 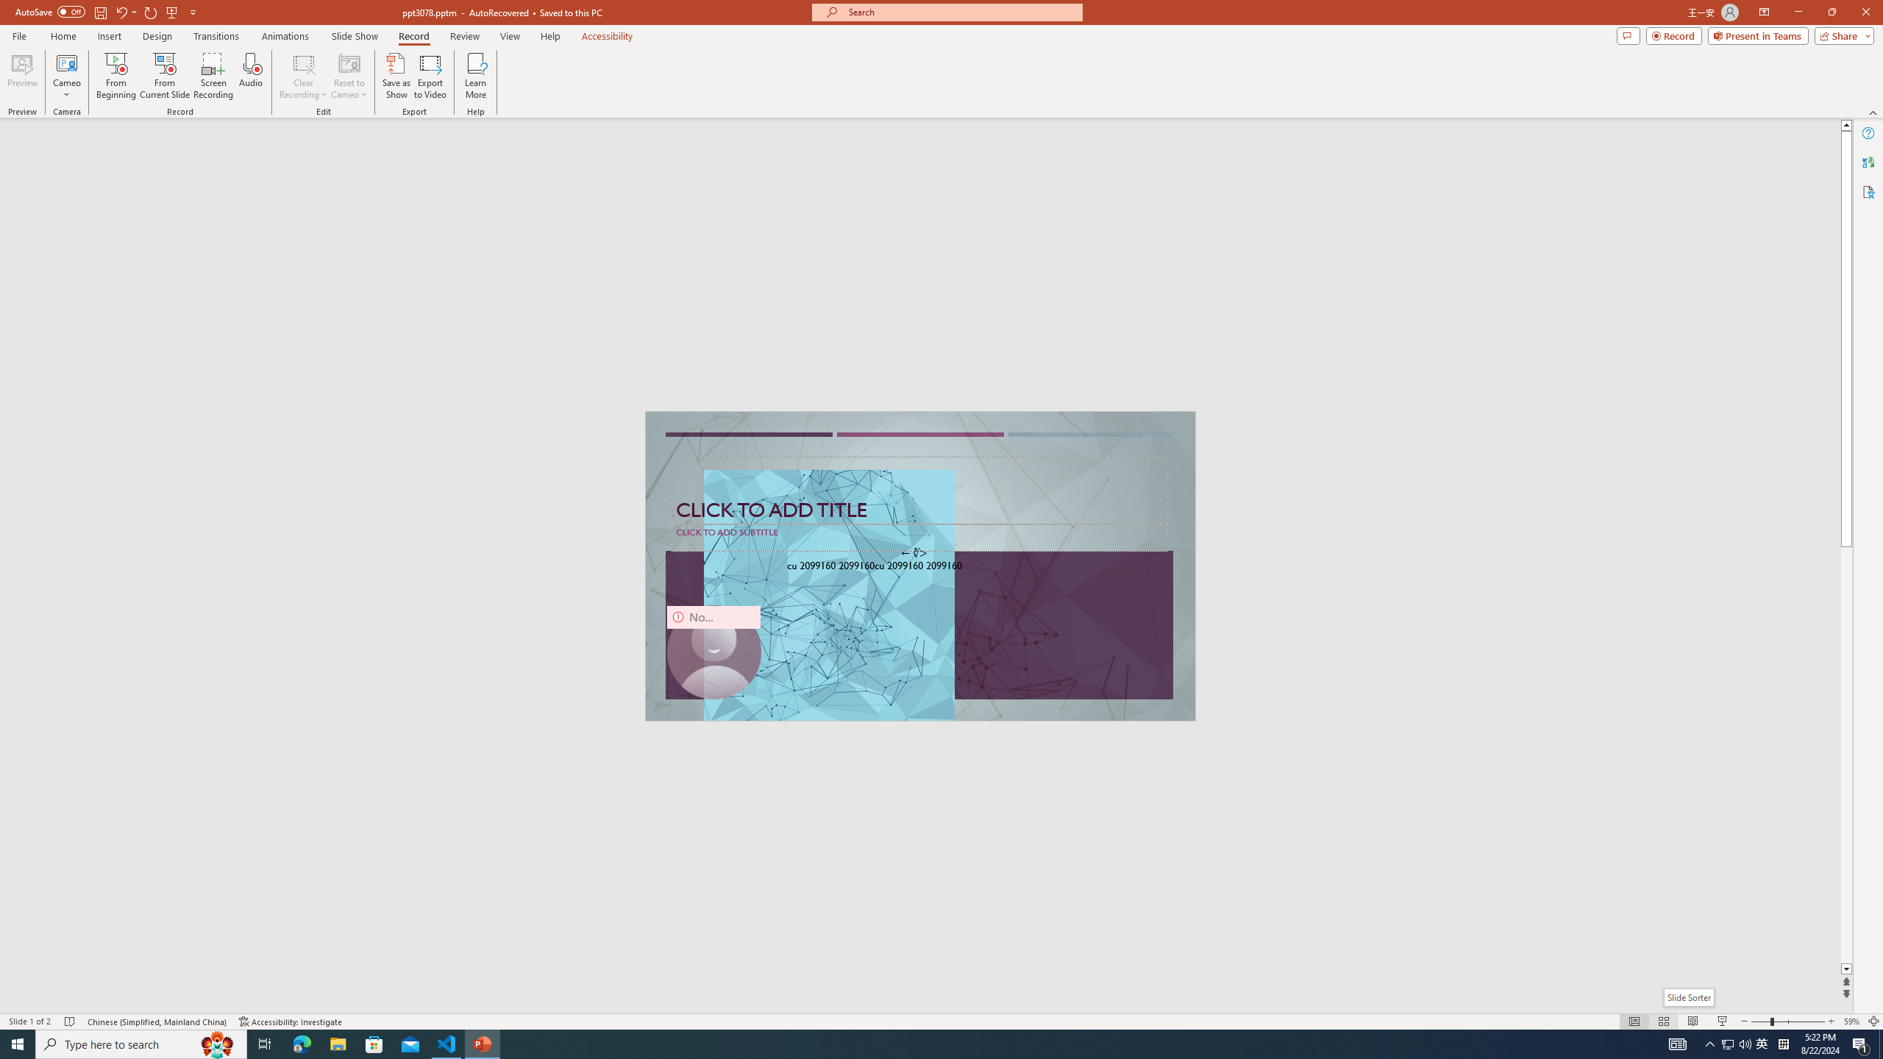 I want to click on 'From Current Slide...', so click(x=165, y=76).